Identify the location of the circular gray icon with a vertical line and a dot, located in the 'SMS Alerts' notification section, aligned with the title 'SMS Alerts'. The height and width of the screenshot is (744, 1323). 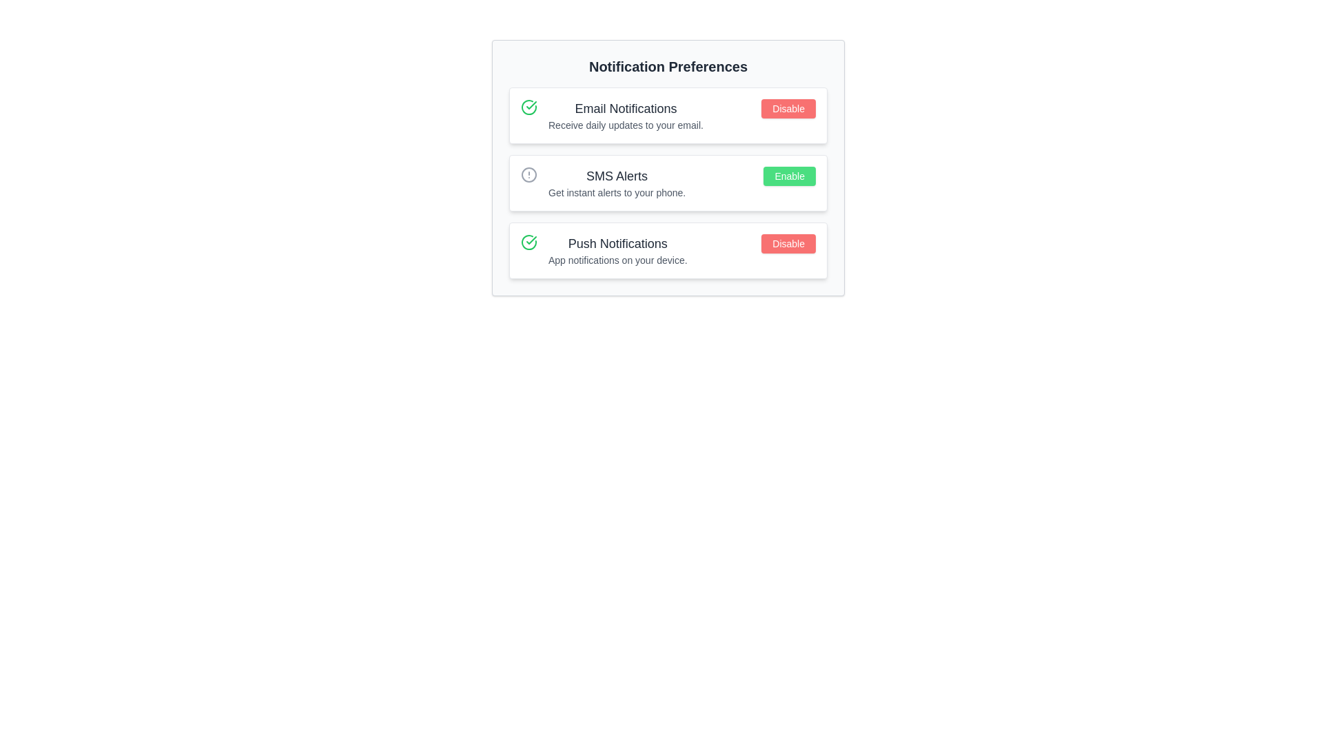
(529, 174).